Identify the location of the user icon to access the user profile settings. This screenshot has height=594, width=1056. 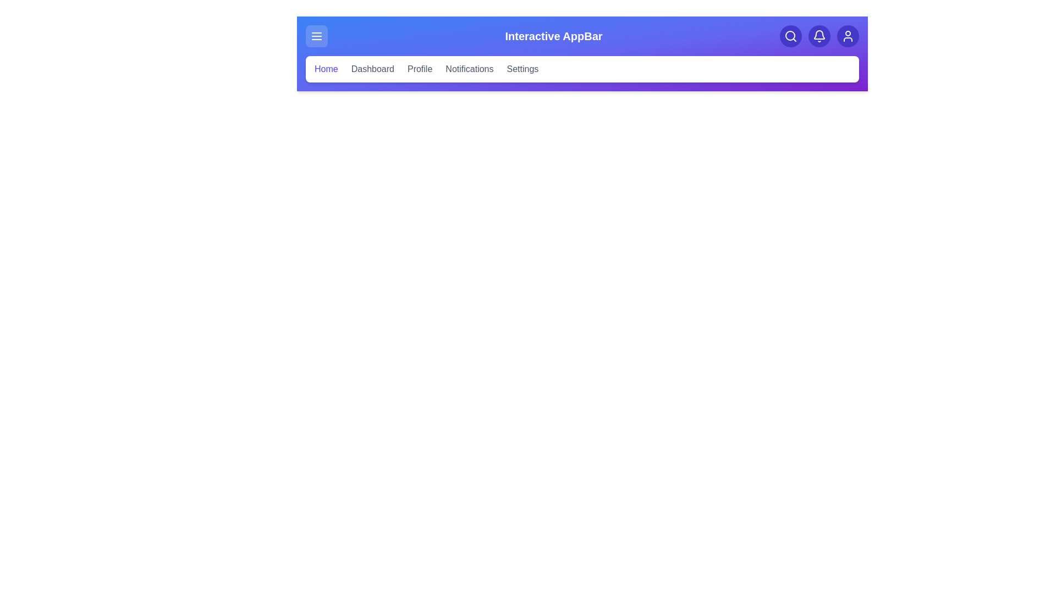
(847, 35).